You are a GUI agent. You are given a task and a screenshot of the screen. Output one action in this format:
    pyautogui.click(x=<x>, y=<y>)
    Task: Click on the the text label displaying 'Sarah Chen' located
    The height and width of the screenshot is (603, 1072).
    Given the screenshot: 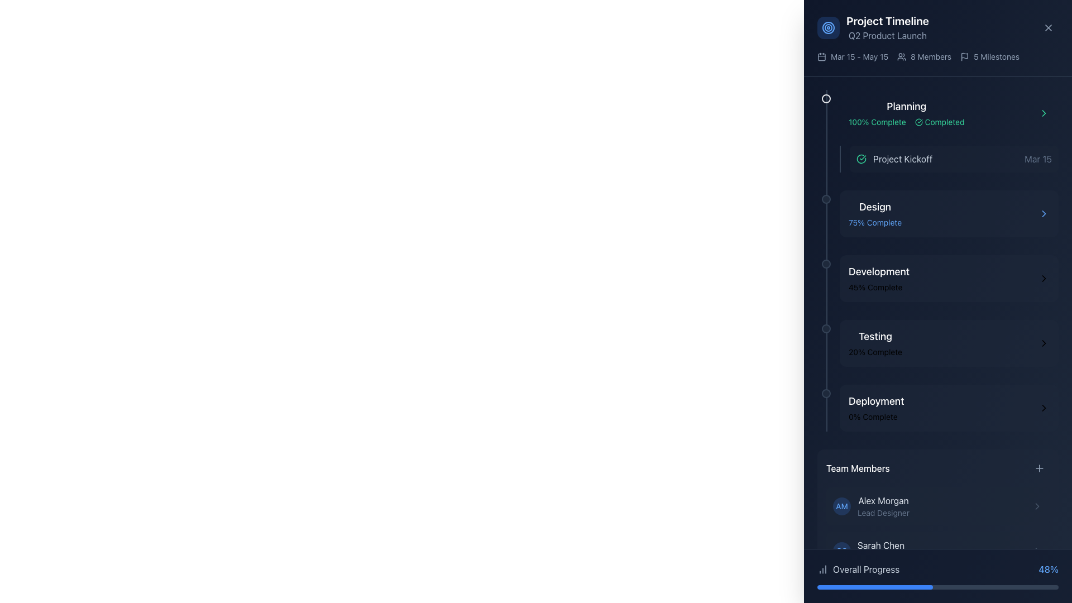 What is the action you would take?
    pyautogui.click(x=880, y=544)
    